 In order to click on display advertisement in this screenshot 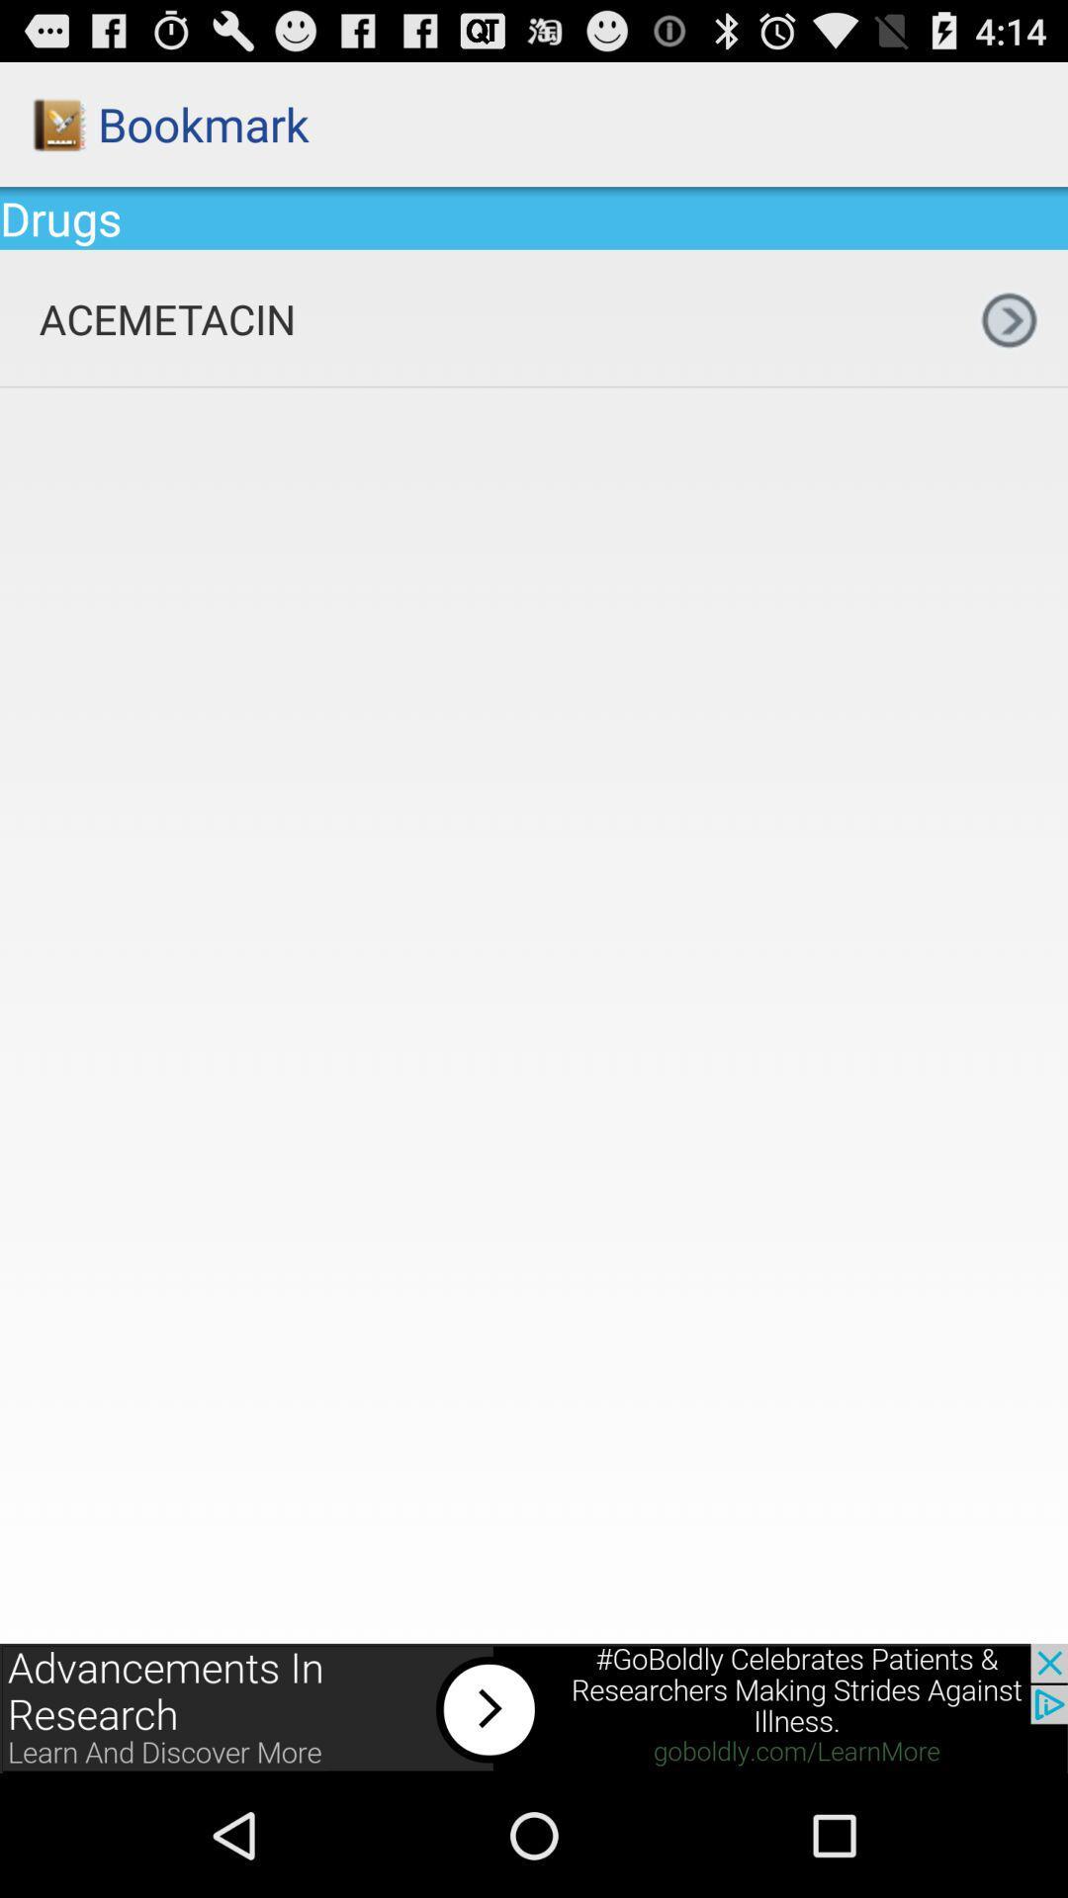, I will do `click(534, 1707)`.